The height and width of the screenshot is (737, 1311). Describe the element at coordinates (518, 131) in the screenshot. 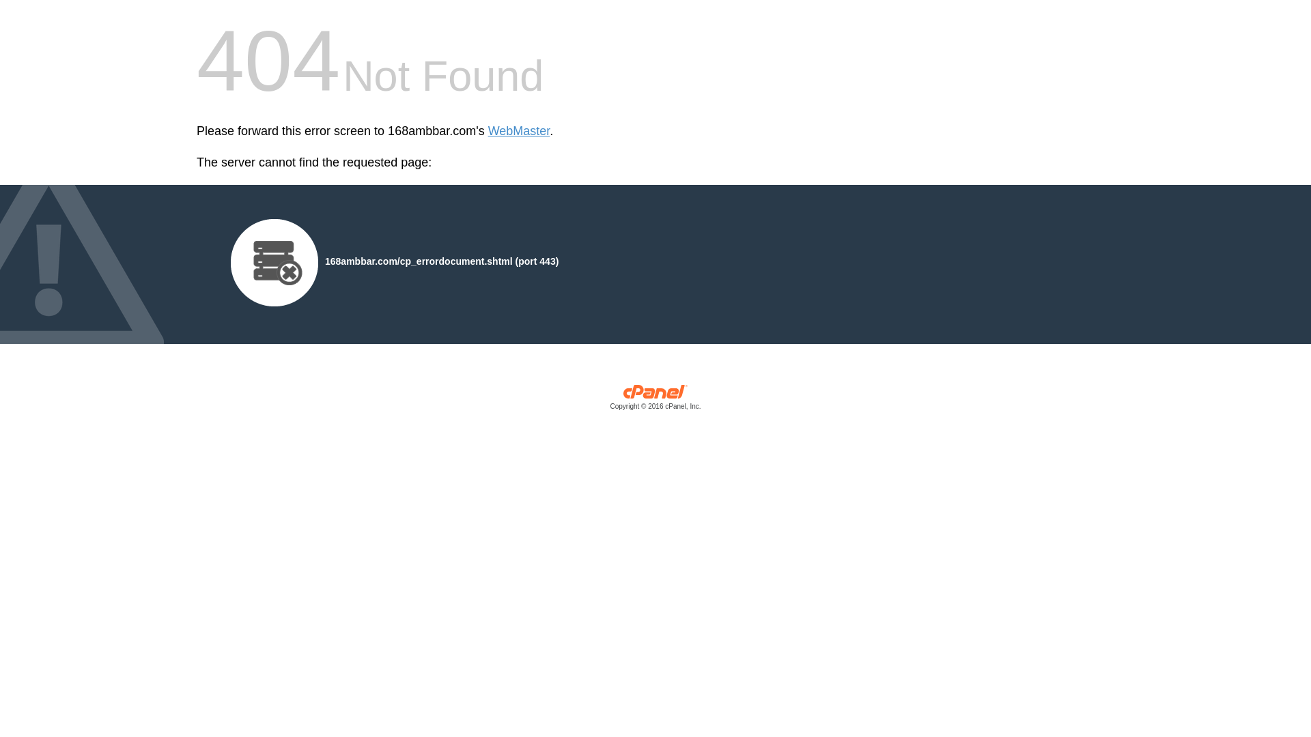

I see `'WebMaster'` at that location.